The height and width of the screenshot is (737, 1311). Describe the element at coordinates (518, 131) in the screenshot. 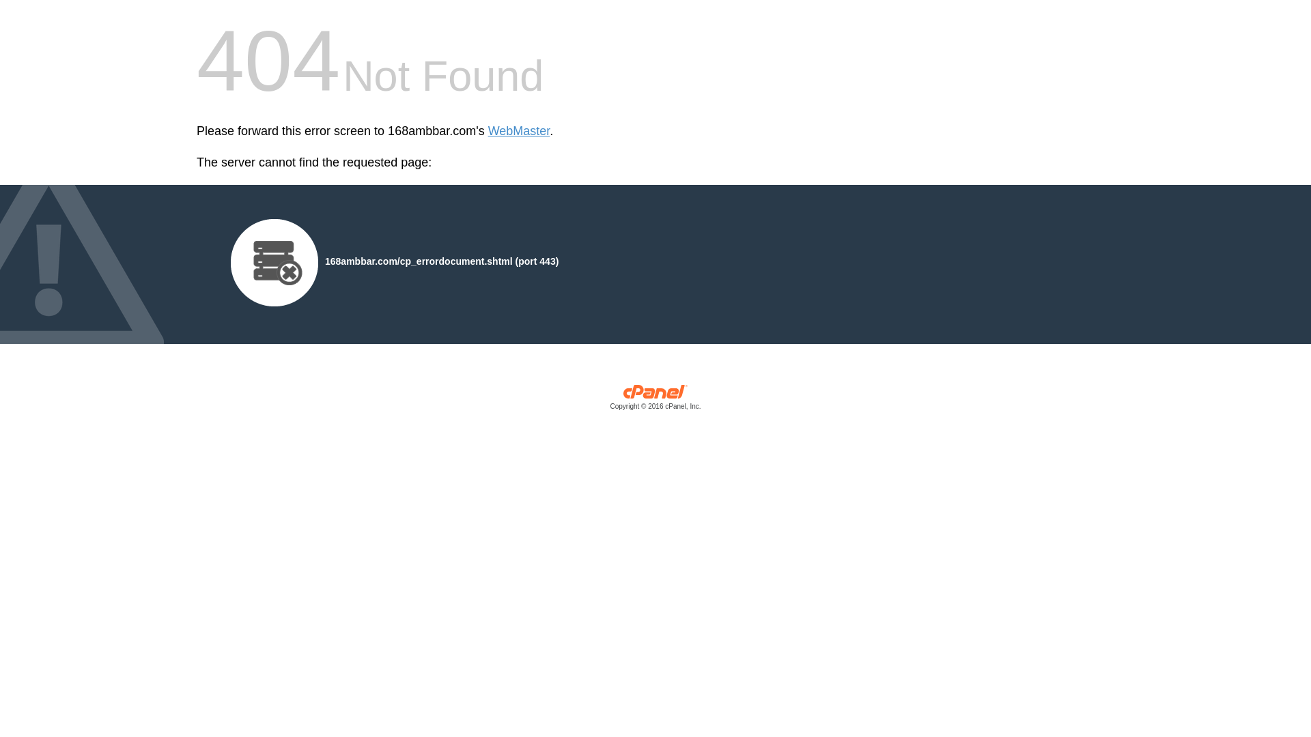

I see `'WebMaster'` at that location.